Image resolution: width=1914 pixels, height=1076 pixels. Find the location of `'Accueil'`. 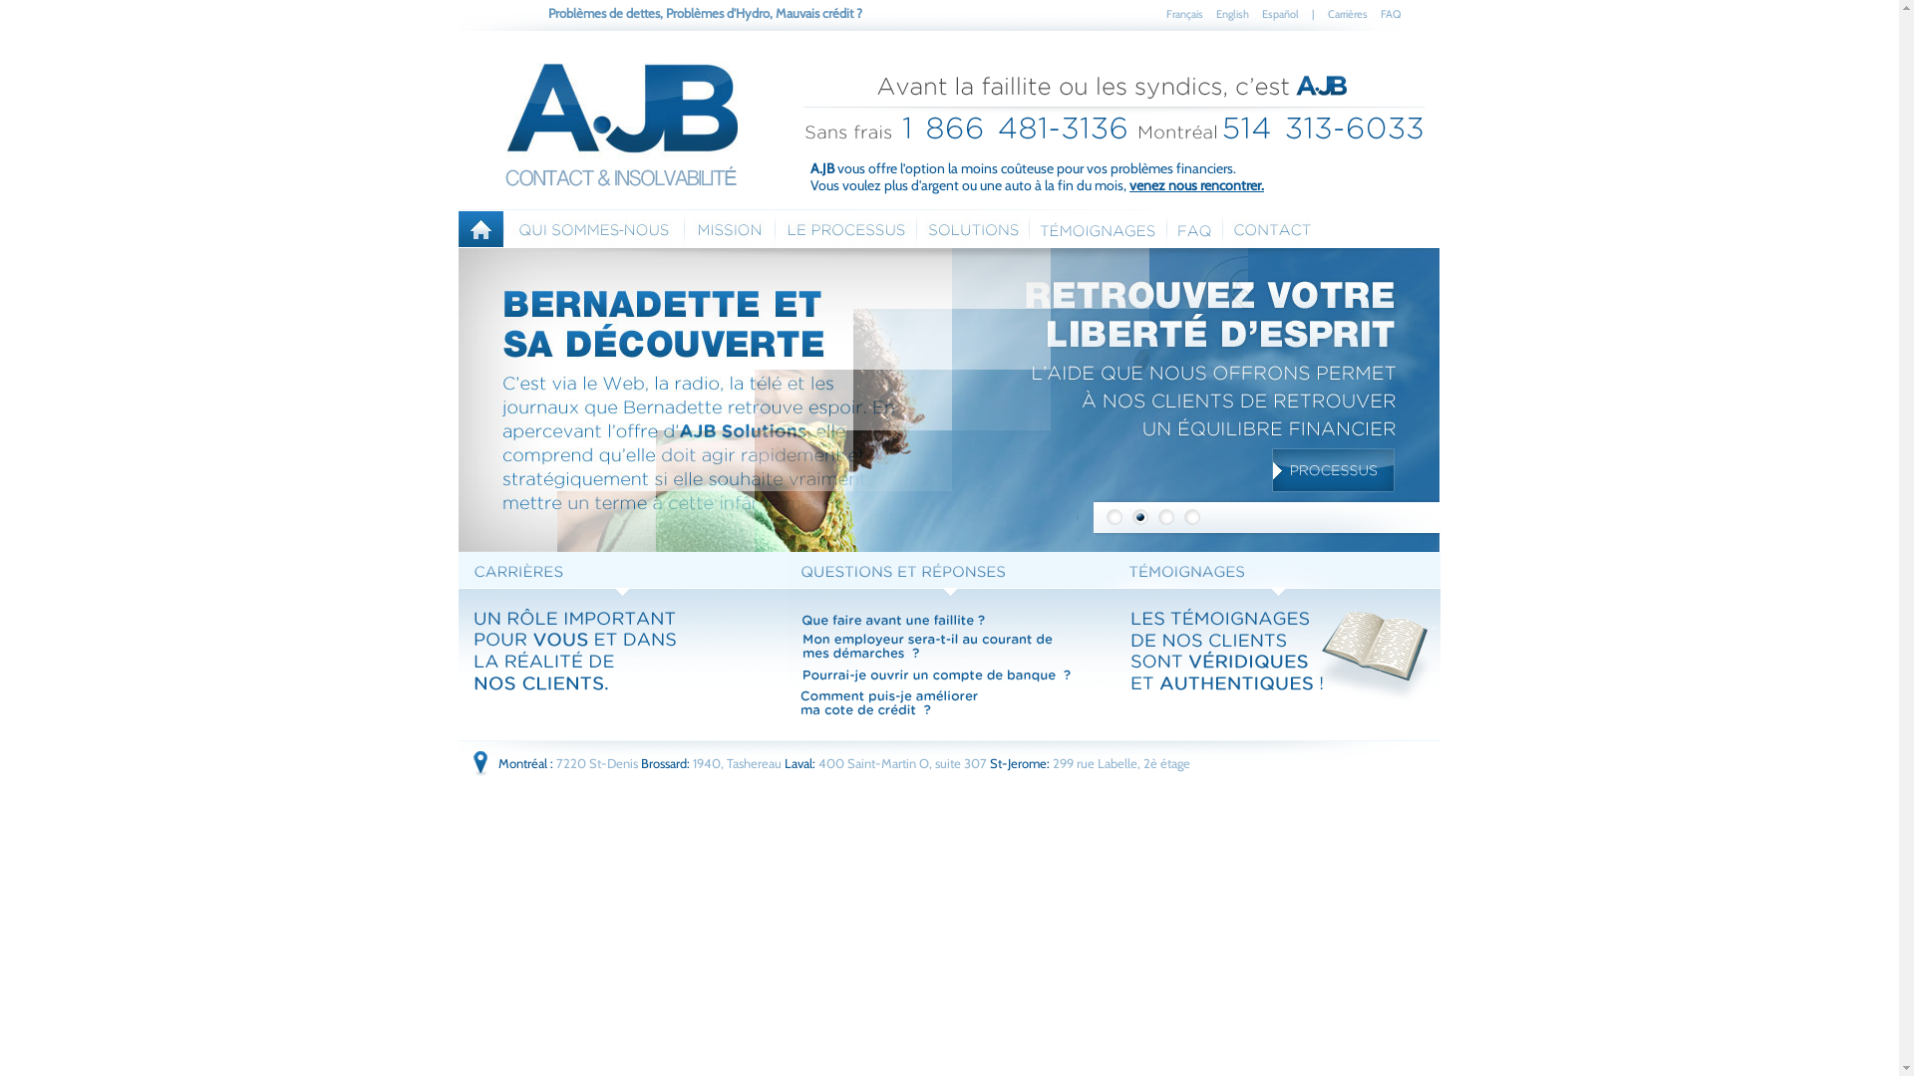

'Accueil' is located at coordinates (480, 228).